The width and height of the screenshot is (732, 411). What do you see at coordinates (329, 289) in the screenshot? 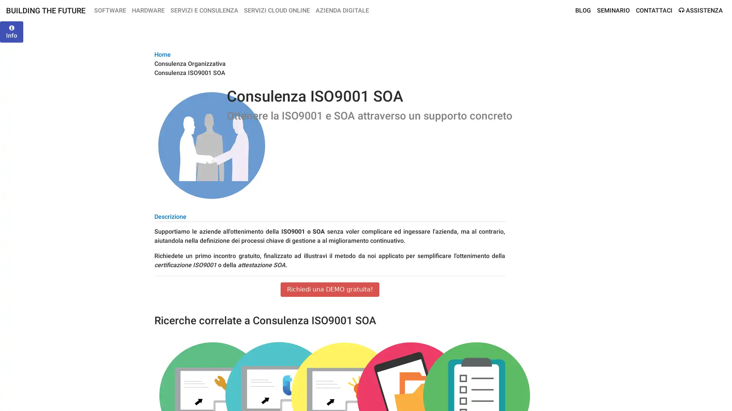
I see `Richiedi una DEMO gratuita!` at bounding box center [329, 289].